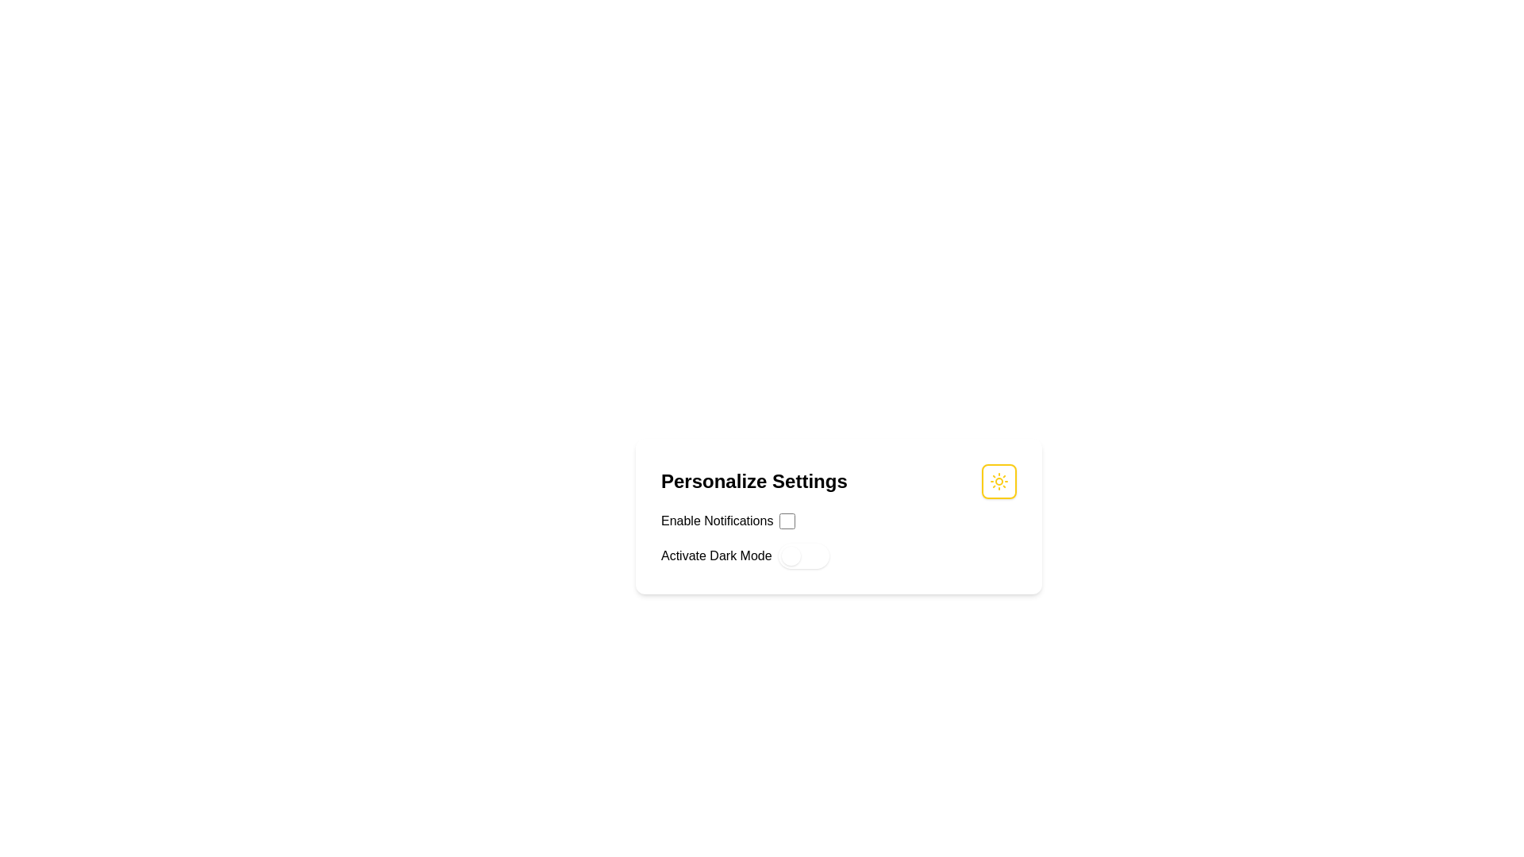 Image resolution: width=1524 pixels, height=857 pixels. What do you see at coordinates (798, 555) in the screenshot?
I see `the toggle` at bounding box center [798, 555].